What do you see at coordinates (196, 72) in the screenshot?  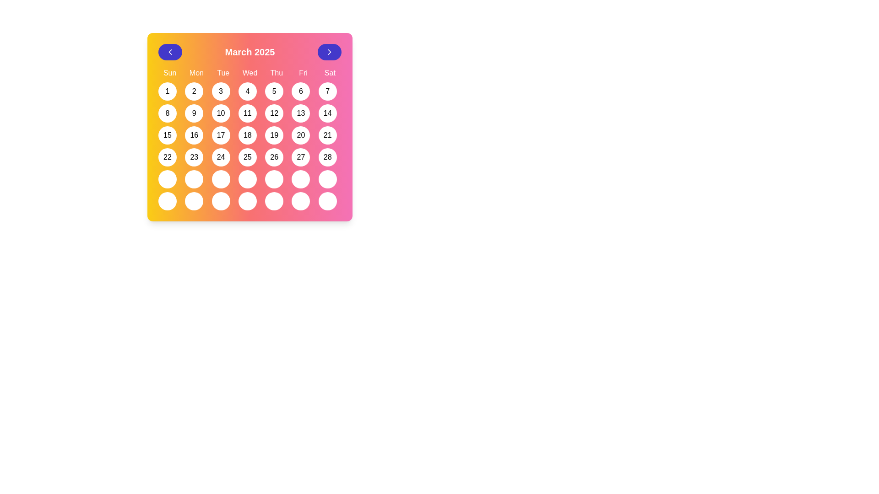 I see `the text label displaying 'Mon', which represents Monday, located in the header of the calendar display` at bounding box center [196, 72].